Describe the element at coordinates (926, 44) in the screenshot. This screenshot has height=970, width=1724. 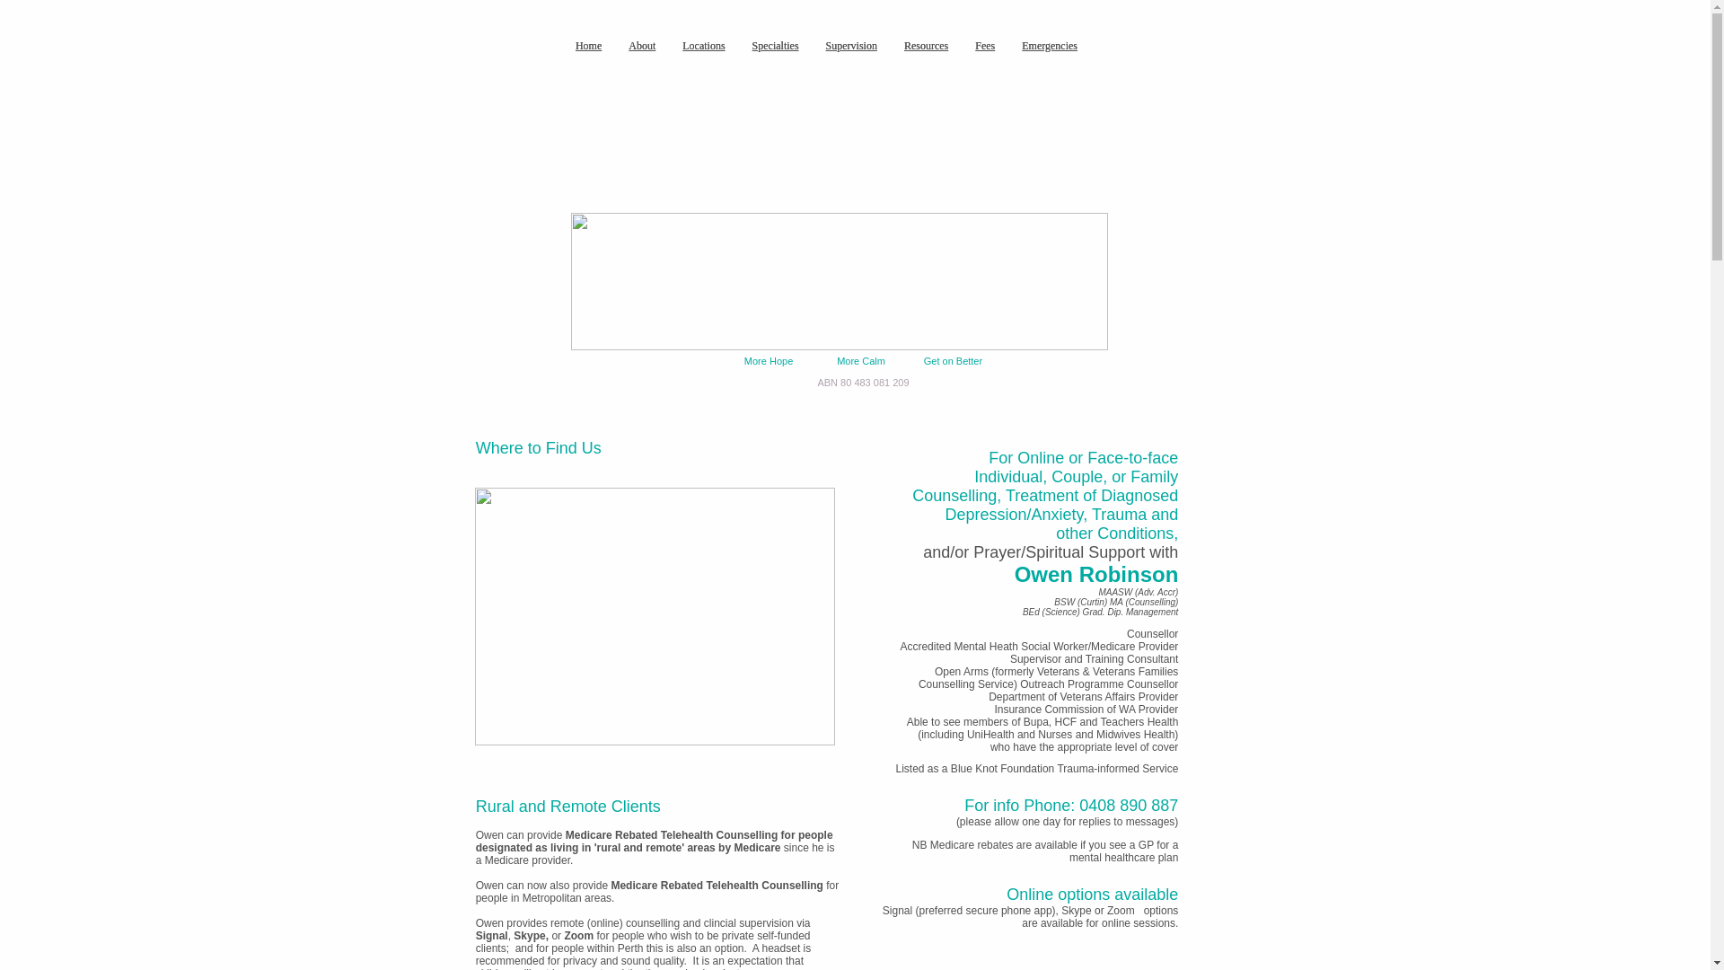
I see `'Resources'` at that location.